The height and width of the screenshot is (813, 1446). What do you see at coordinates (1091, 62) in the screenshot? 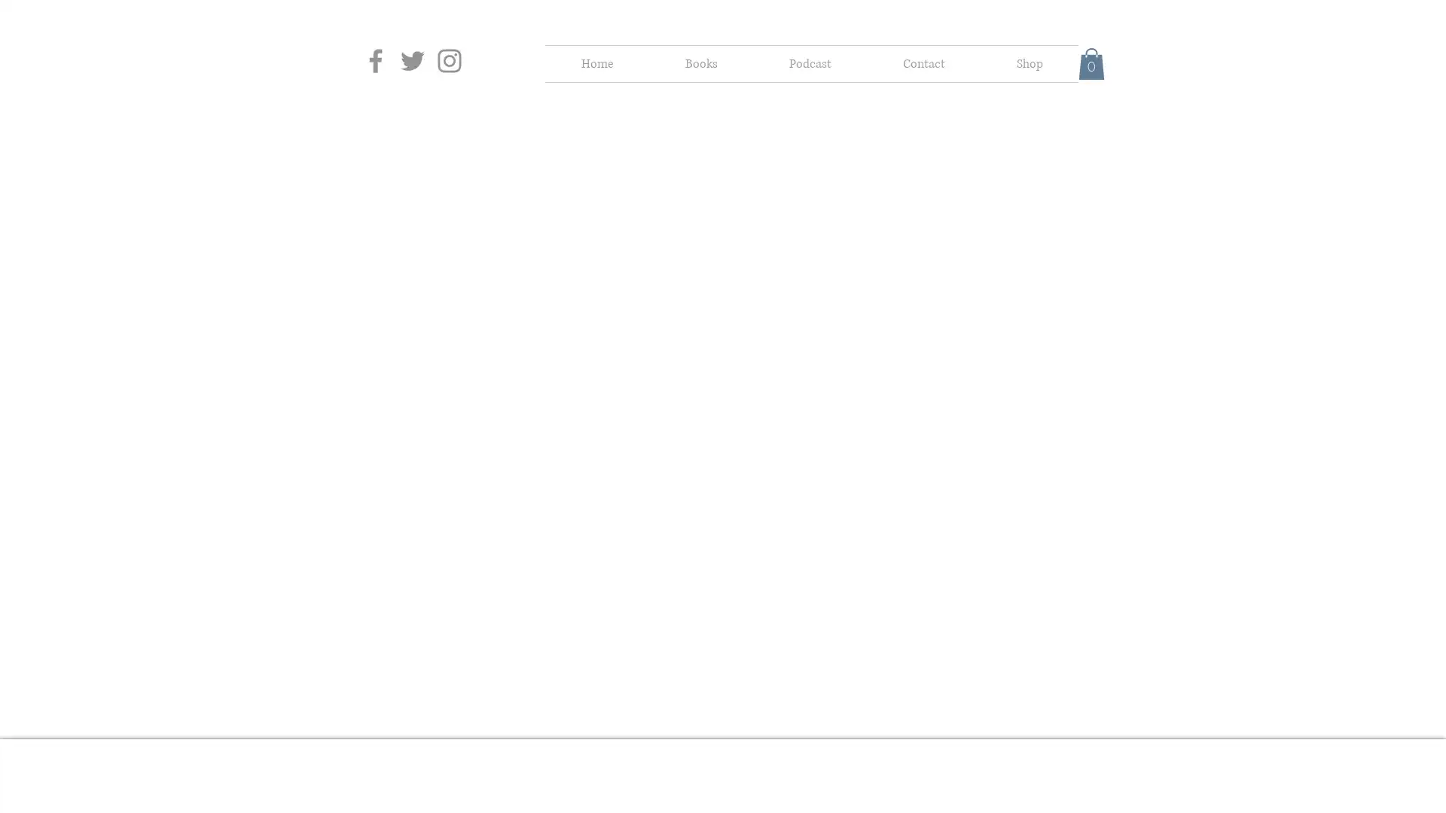
I see `Cart with 0 items` at bounding box center [1091, 62].